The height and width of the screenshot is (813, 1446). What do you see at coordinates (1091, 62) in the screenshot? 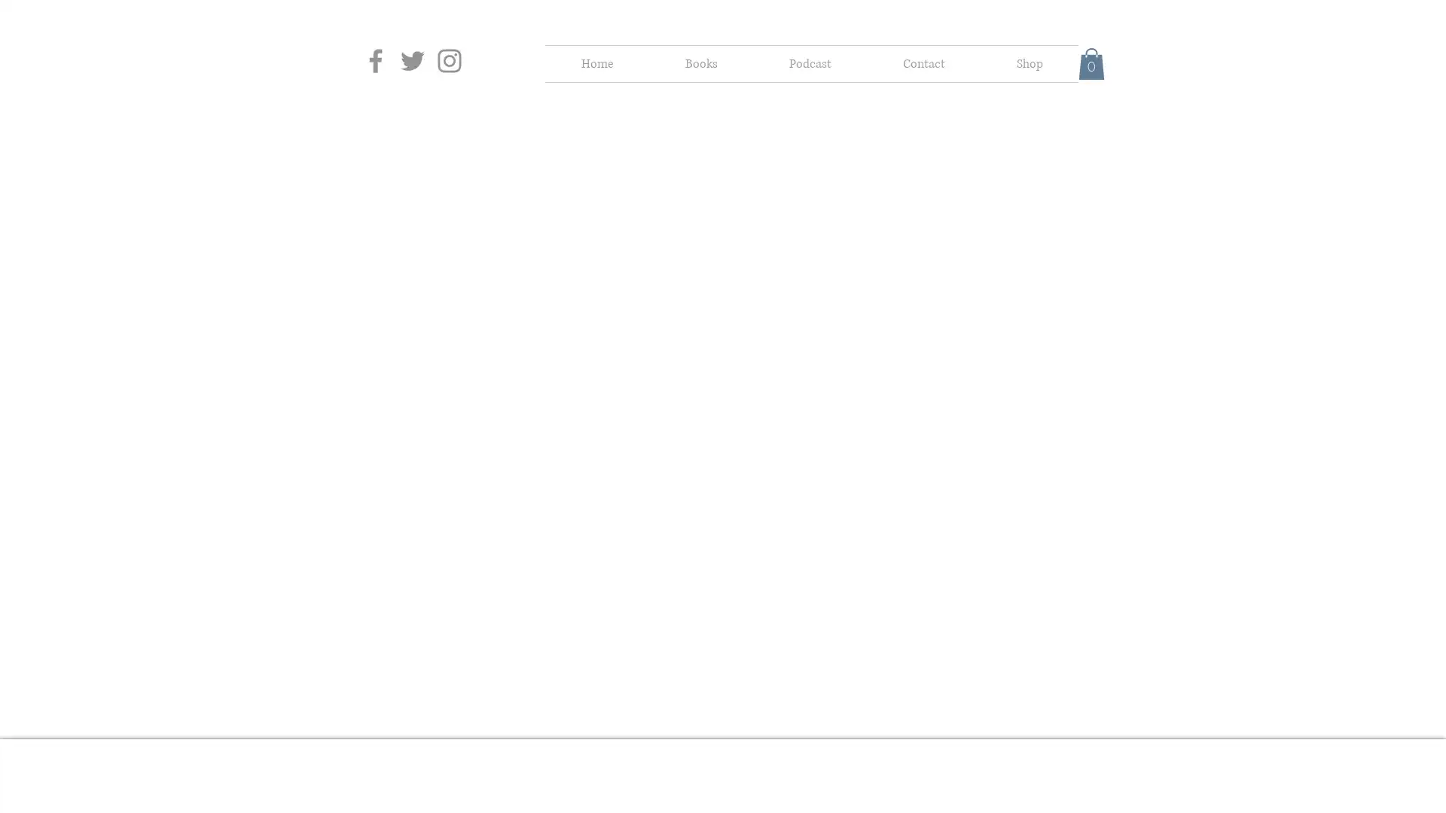
I see `Cart with 0 items` at bounding box center [1091, 62].